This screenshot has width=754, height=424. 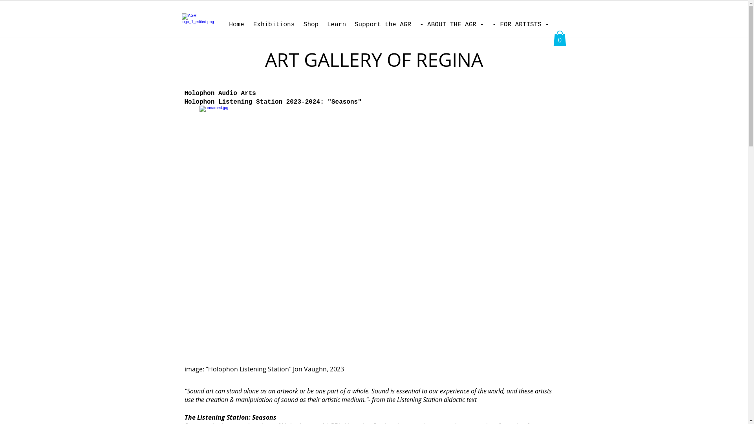 What do you see at coordinates (236, 24) in the screenshot?
I see `'Home'` at bounding box center [236, 24].